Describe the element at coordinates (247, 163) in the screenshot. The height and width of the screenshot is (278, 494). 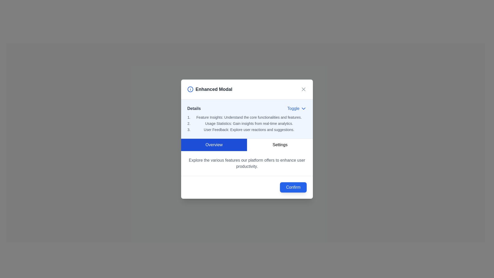
I see `the informational text located in the bottom section of the modal, below the blue navigation bar with 'Overview' and 'Settings' tabs` at that location.